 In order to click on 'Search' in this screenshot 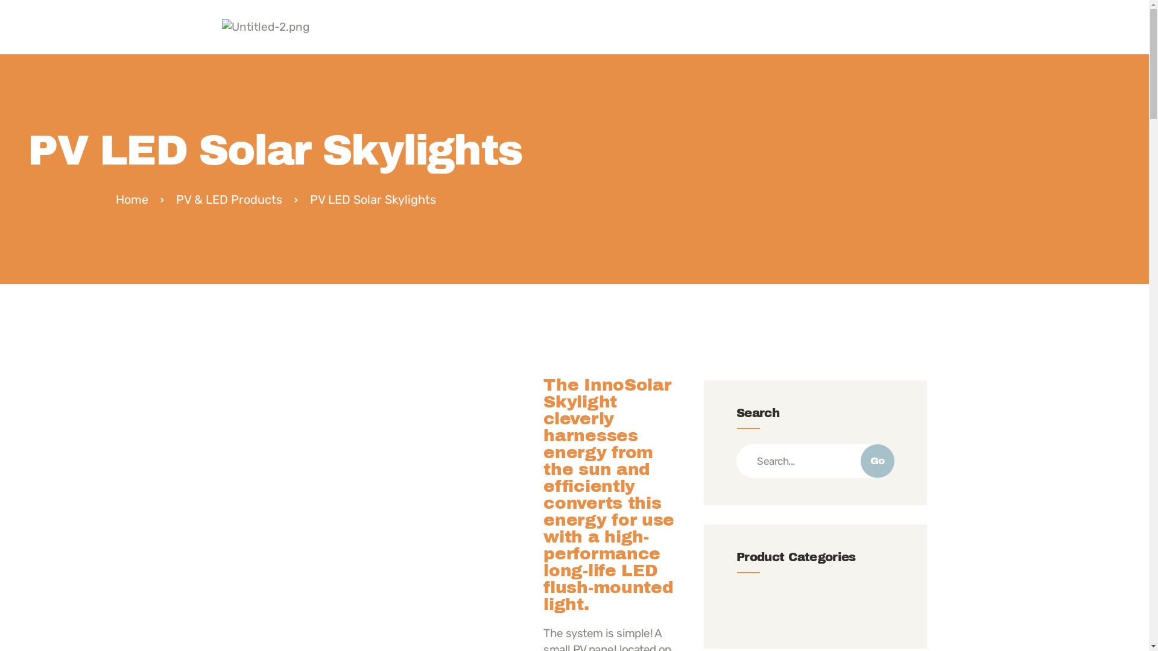, I will do `click(815, 461)`.